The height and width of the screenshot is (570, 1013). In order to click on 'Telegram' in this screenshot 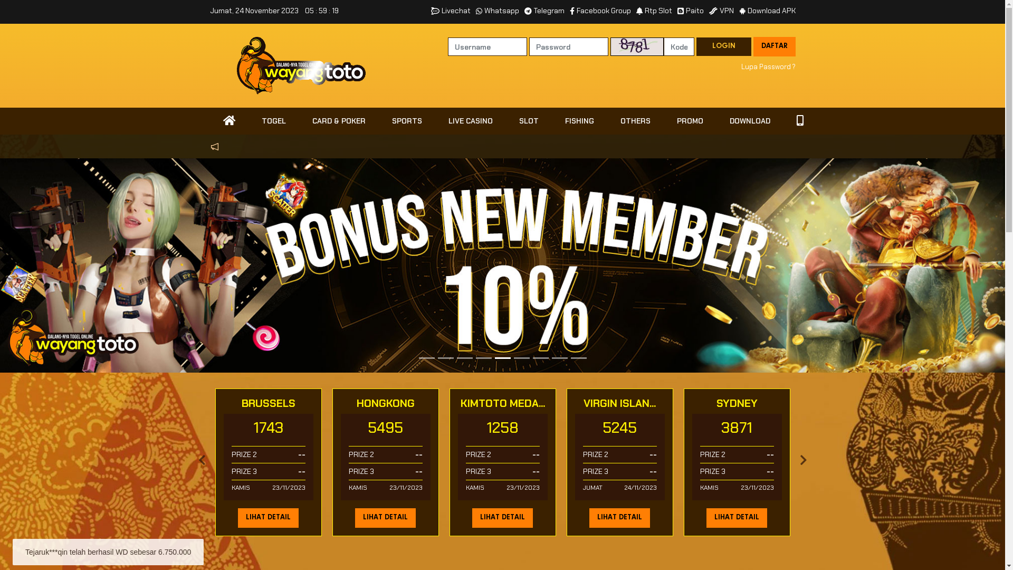, I will do `click(544, 11)`.